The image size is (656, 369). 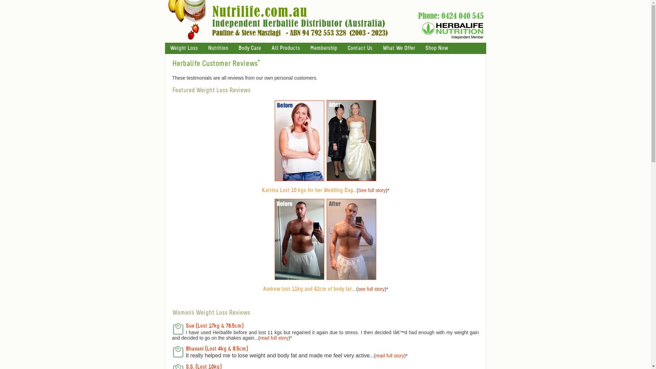 What do you see at coordinates (359, 48) in the screenshot?
I see `'Contact Us'` at bounding box center [359, 48].